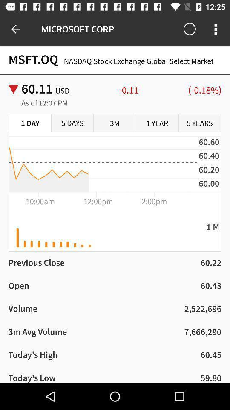 This screenshot has width=230, height=410. What do you see at coordinates (199, 123) in the screenshot?
I see `the icon next to 1 year item` at bounding box center [199, 123].